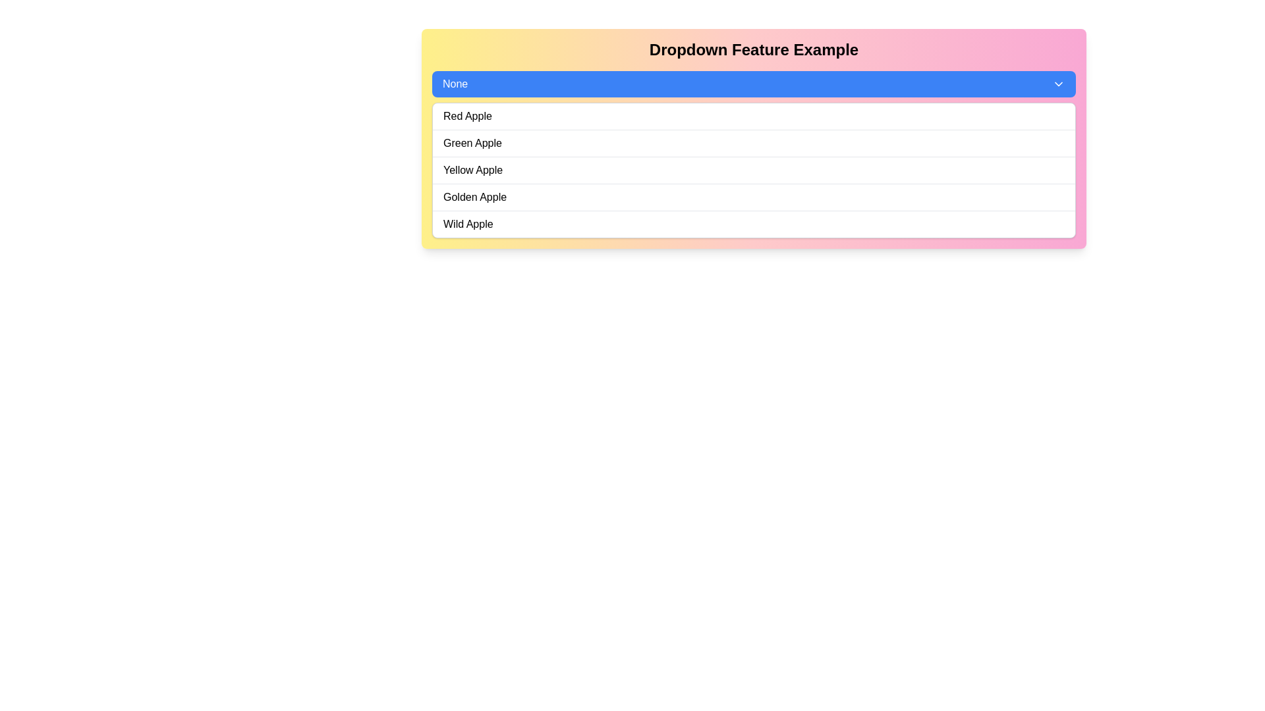 This screenshot has height=711, width=1265. Describe the element at coordinates (754, 223) in the screenshot. I see `to select the 'Wild Apple' option from the dropdown list, which is the fifth item in the list and has a simple black font on a white background` at that location.